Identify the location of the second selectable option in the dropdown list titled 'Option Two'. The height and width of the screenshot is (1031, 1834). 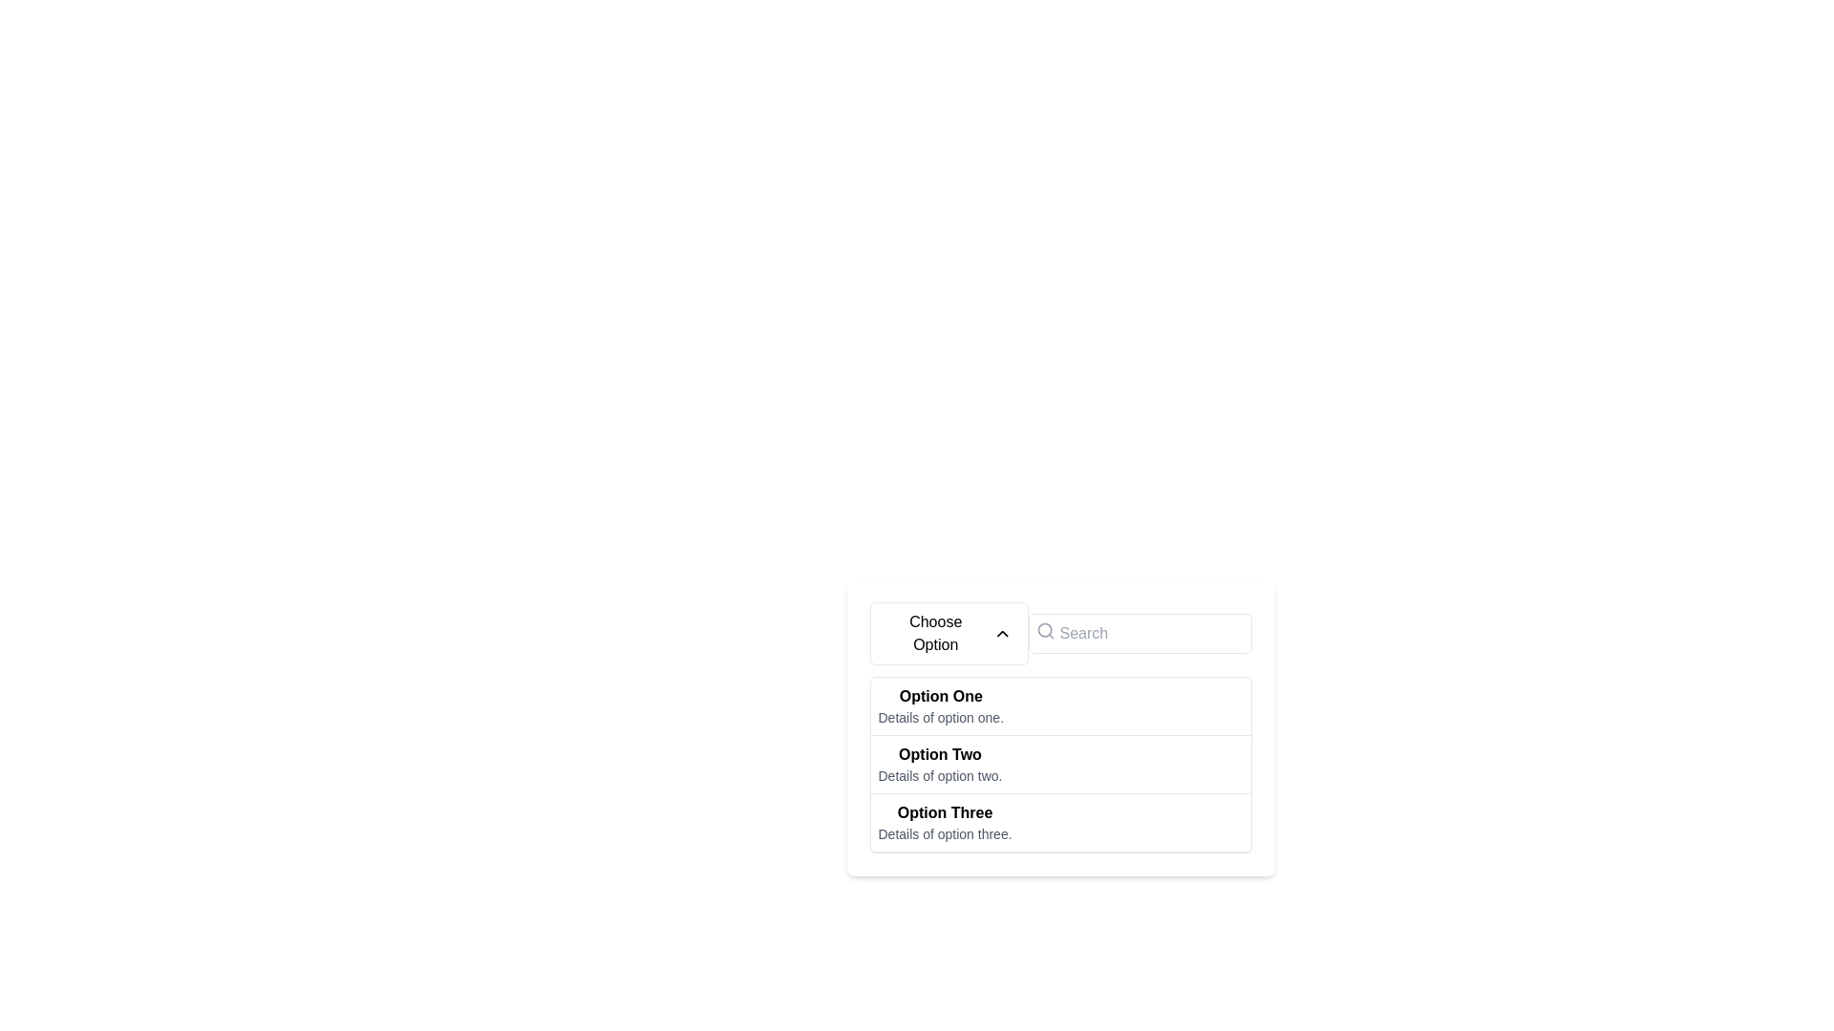
(1059, 764).